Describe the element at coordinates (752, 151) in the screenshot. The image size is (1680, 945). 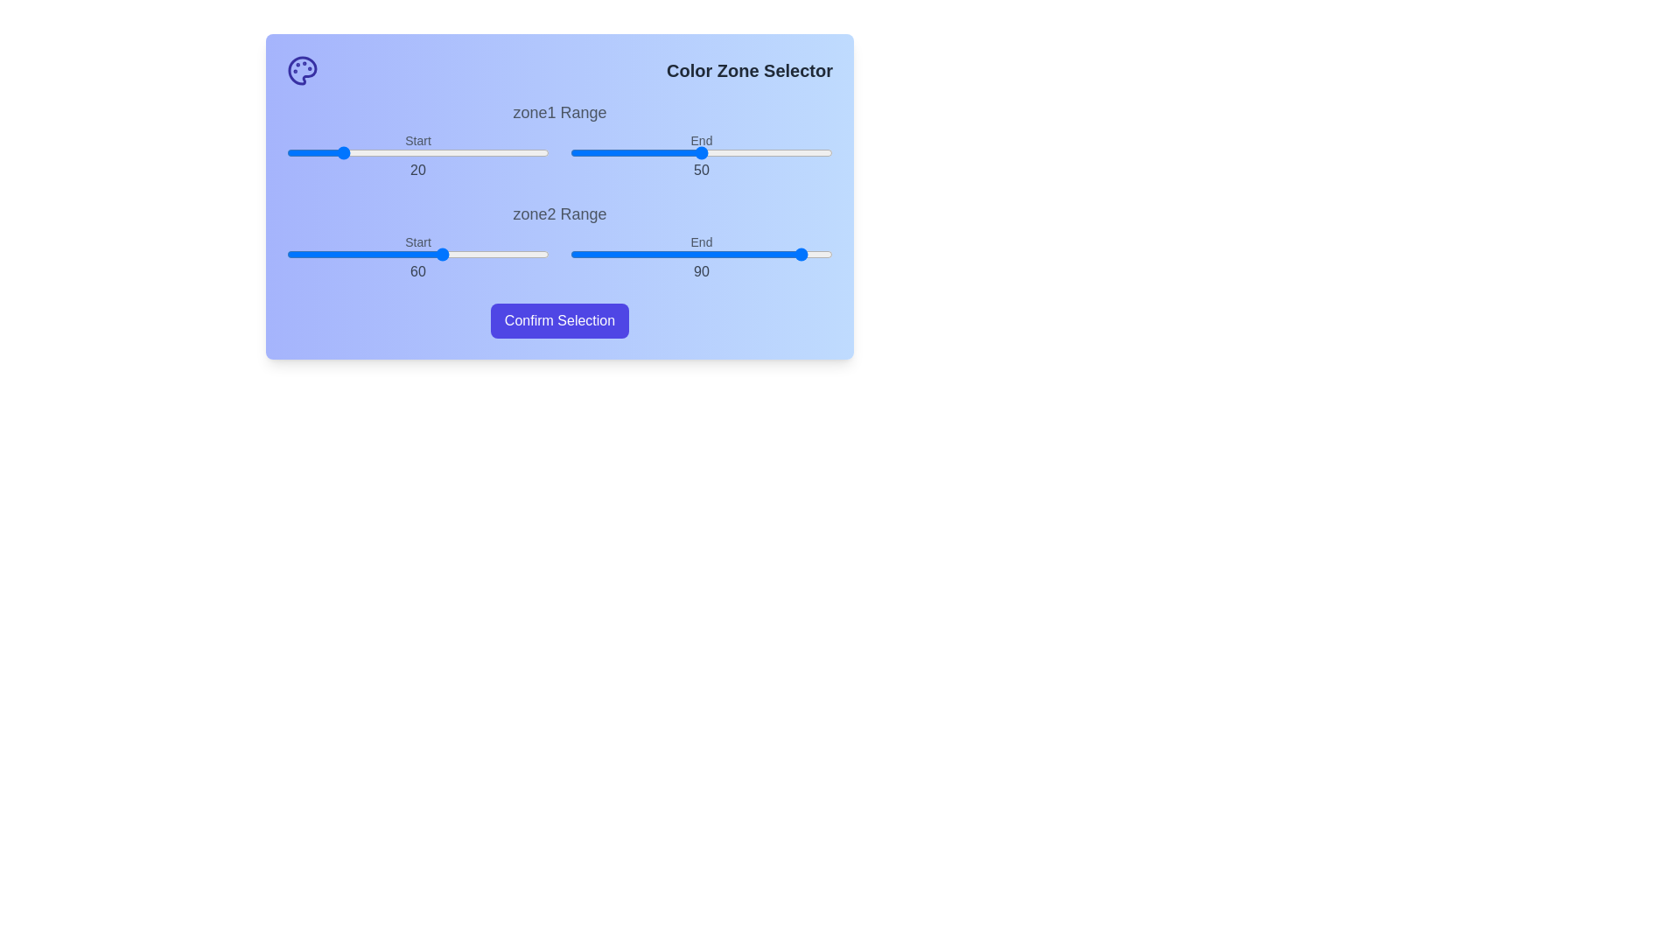
I see `the end range slider for zone1 to 69` at that location.